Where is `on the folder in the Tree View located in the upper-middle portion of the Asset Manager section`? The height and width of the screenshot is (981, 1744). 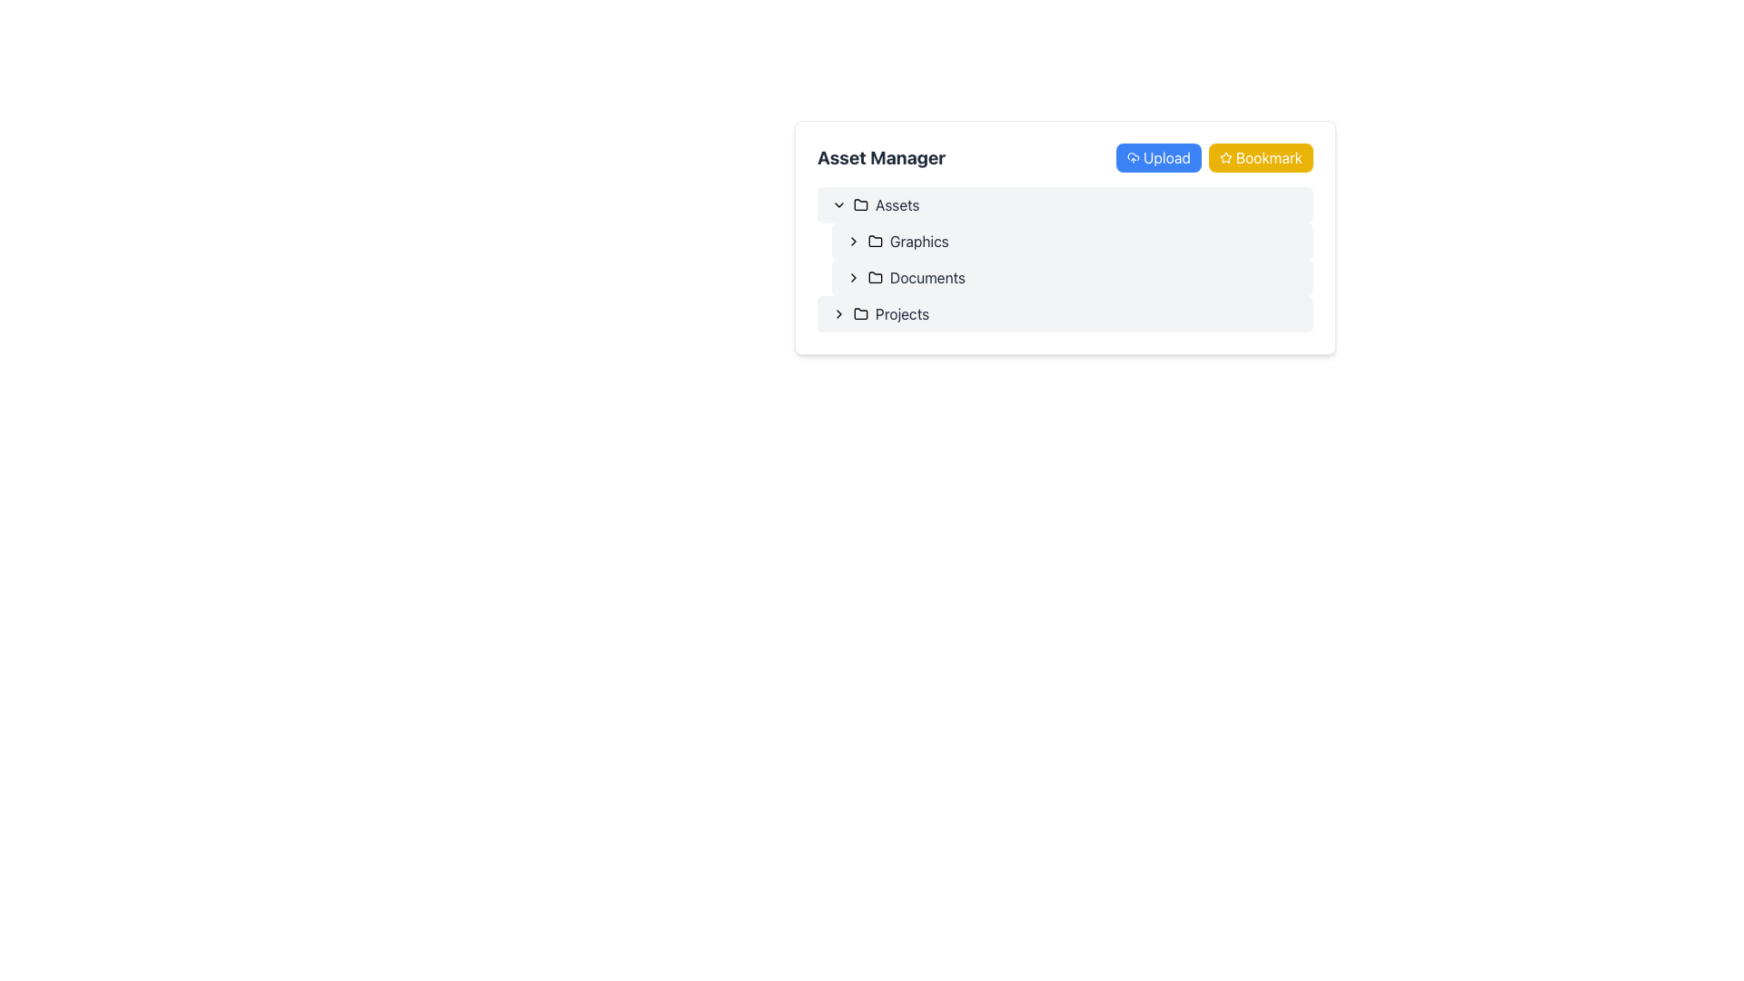
on the folder in the Tree View located in the upper-middle portion of the Asset Manager section is located at coordinates (1065, 259).